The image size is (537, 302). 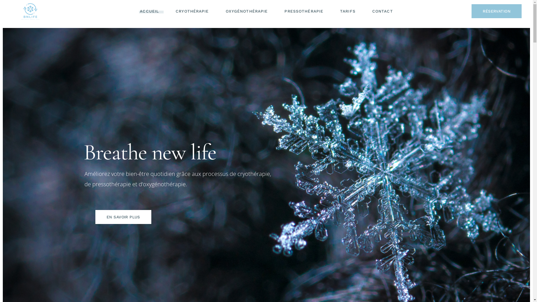 What do you see at coordinates (149, 11) in the screenshot?
I see `'ACCUEIL'` at bounding box center [149, 11].